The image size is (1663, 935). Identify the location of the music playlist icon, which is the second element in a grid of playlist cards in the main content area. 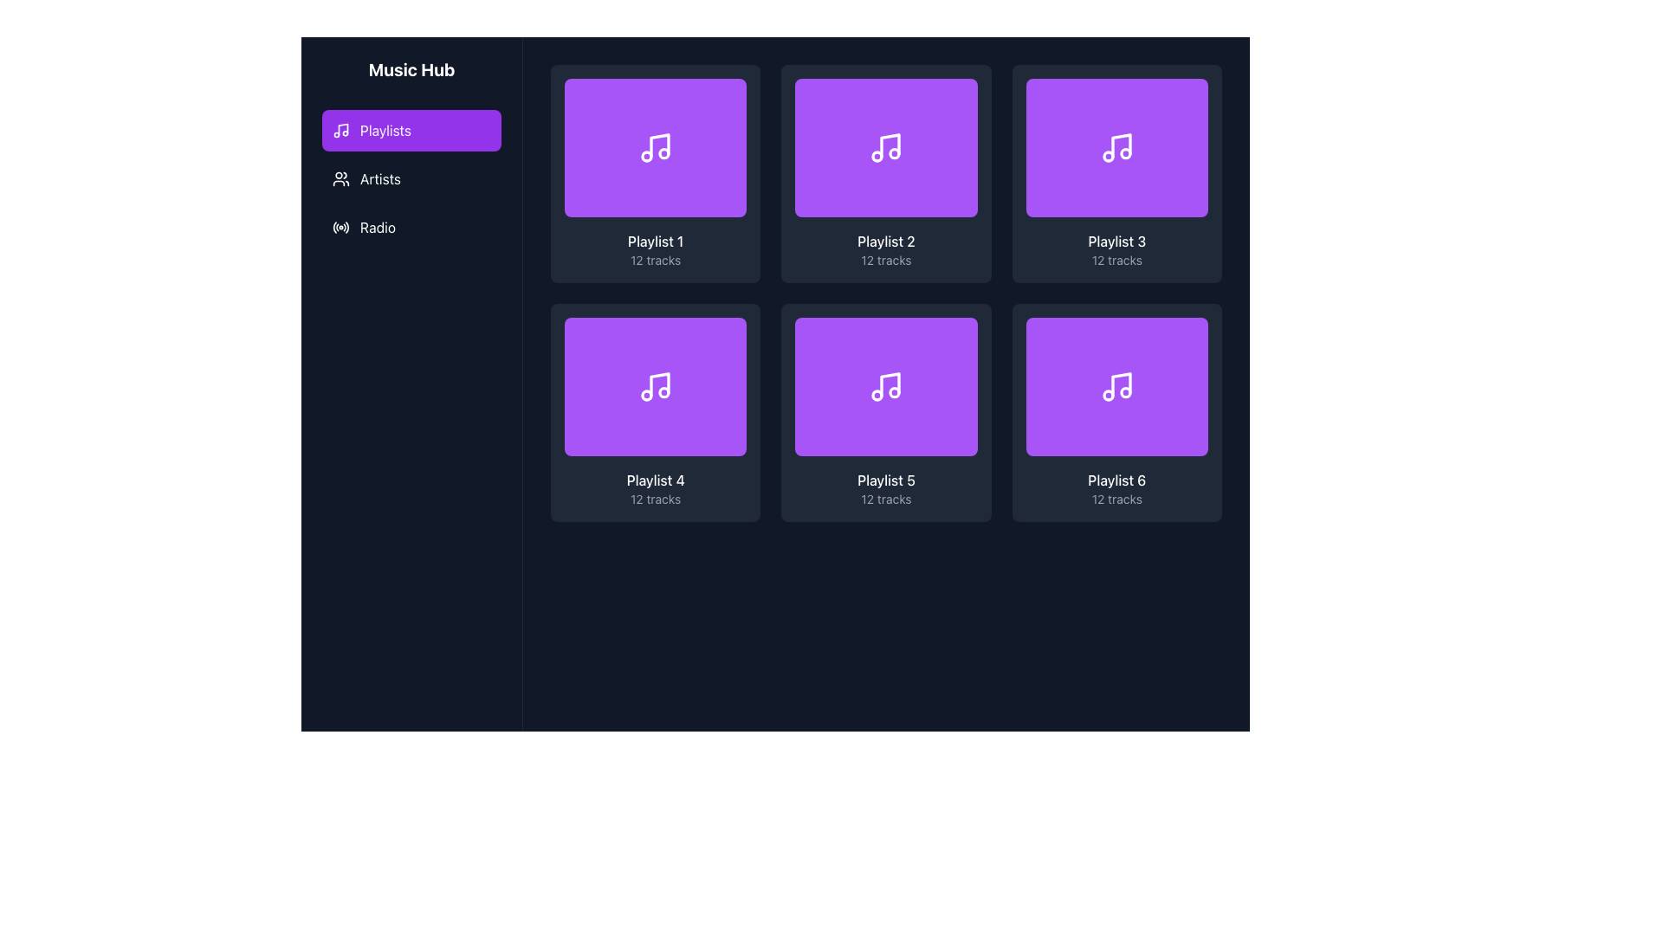
(886, 146).